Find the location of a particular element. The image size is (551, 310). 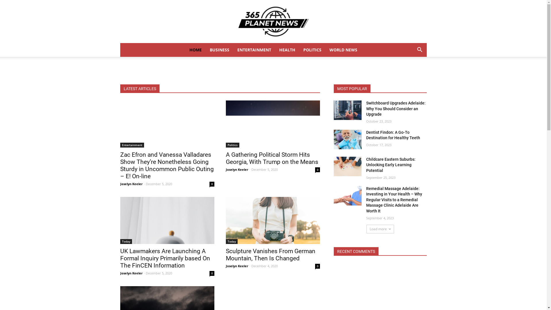

'Search' is located at coordinates (410, 73).